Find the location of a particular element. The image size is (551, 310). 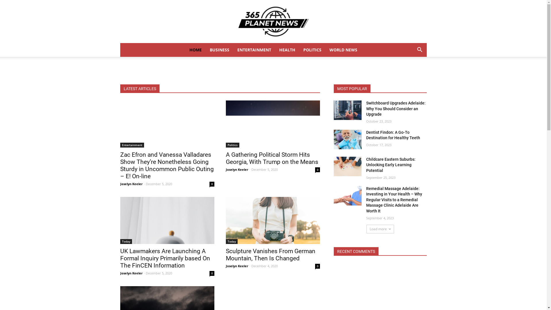

'Search' is located at coordinates (410, 73).